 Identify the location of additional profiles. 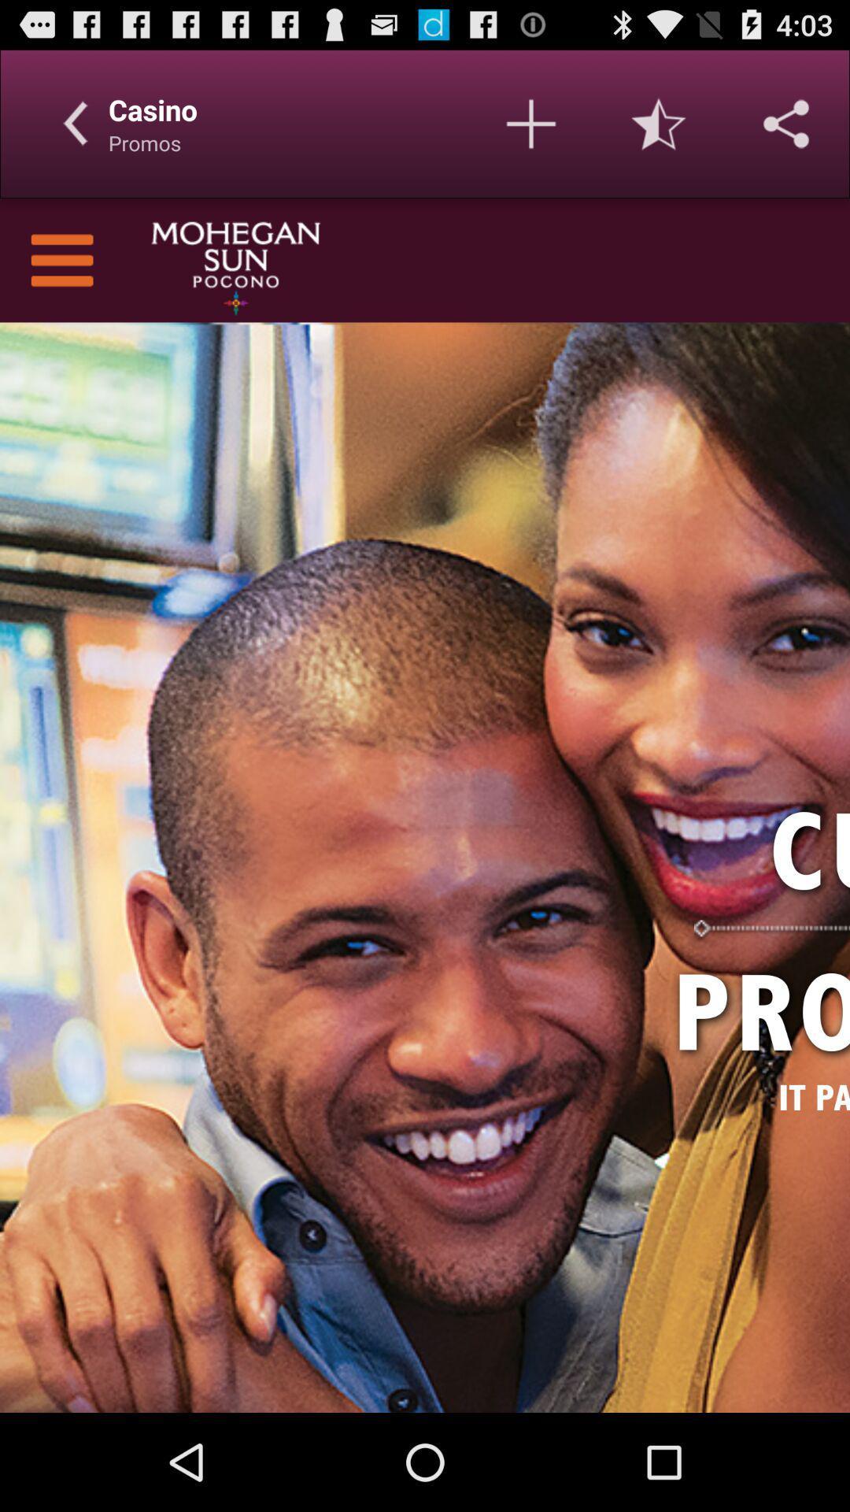
(531, 123).